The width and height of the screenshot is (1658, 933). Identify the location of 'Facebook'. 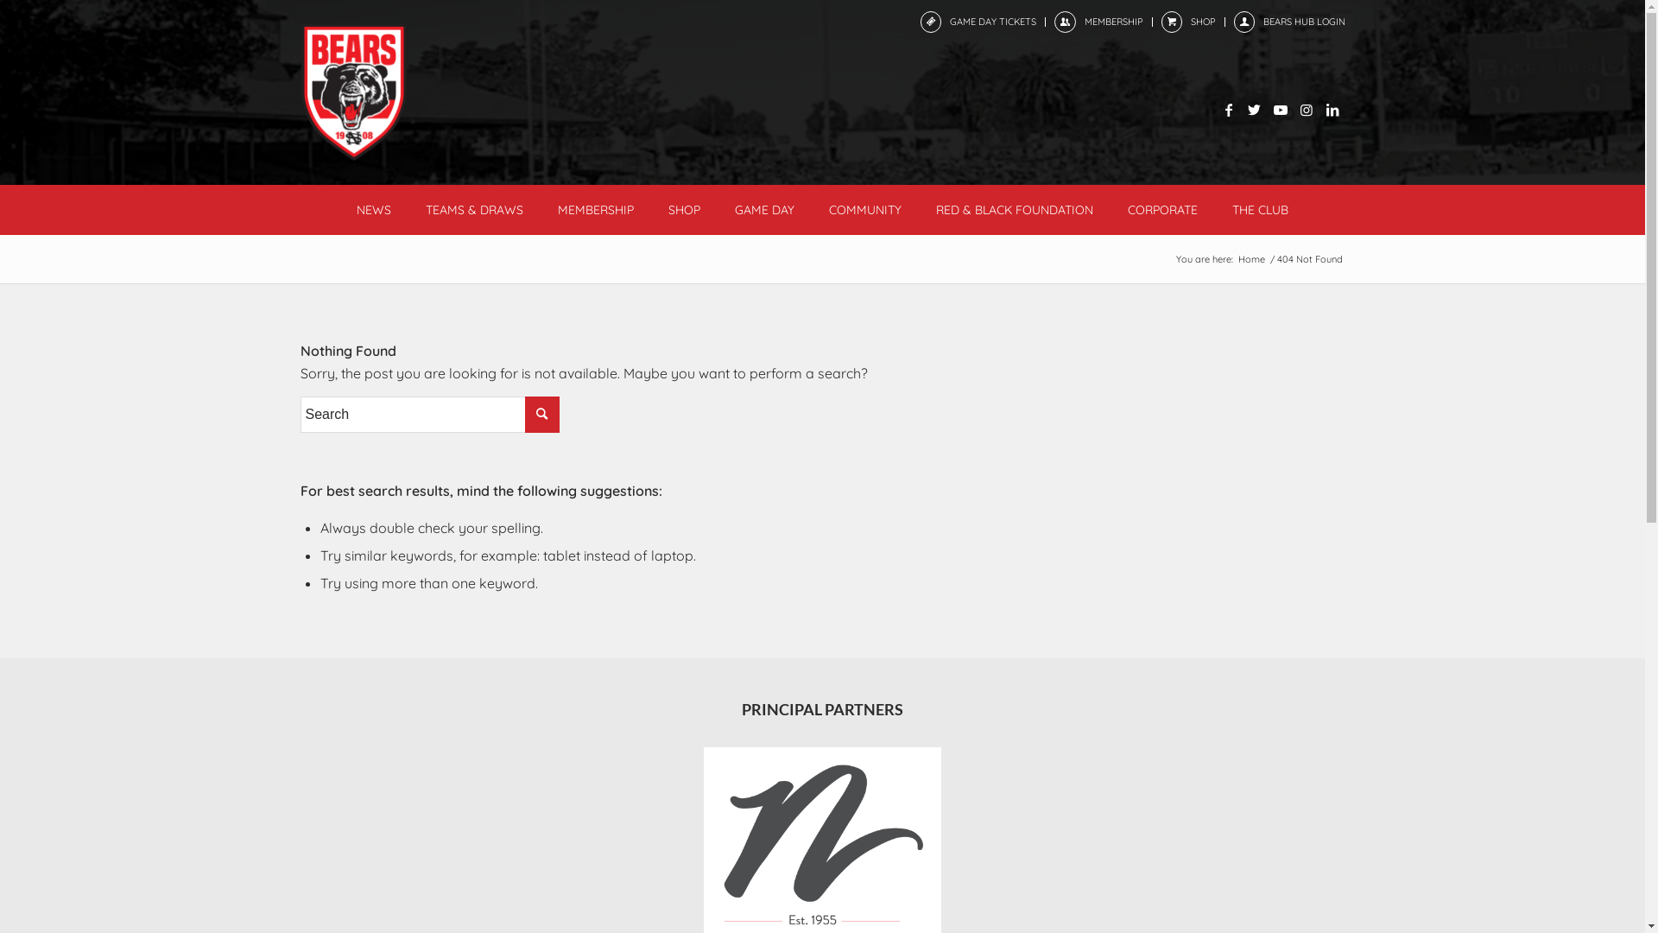
(1227, 110).